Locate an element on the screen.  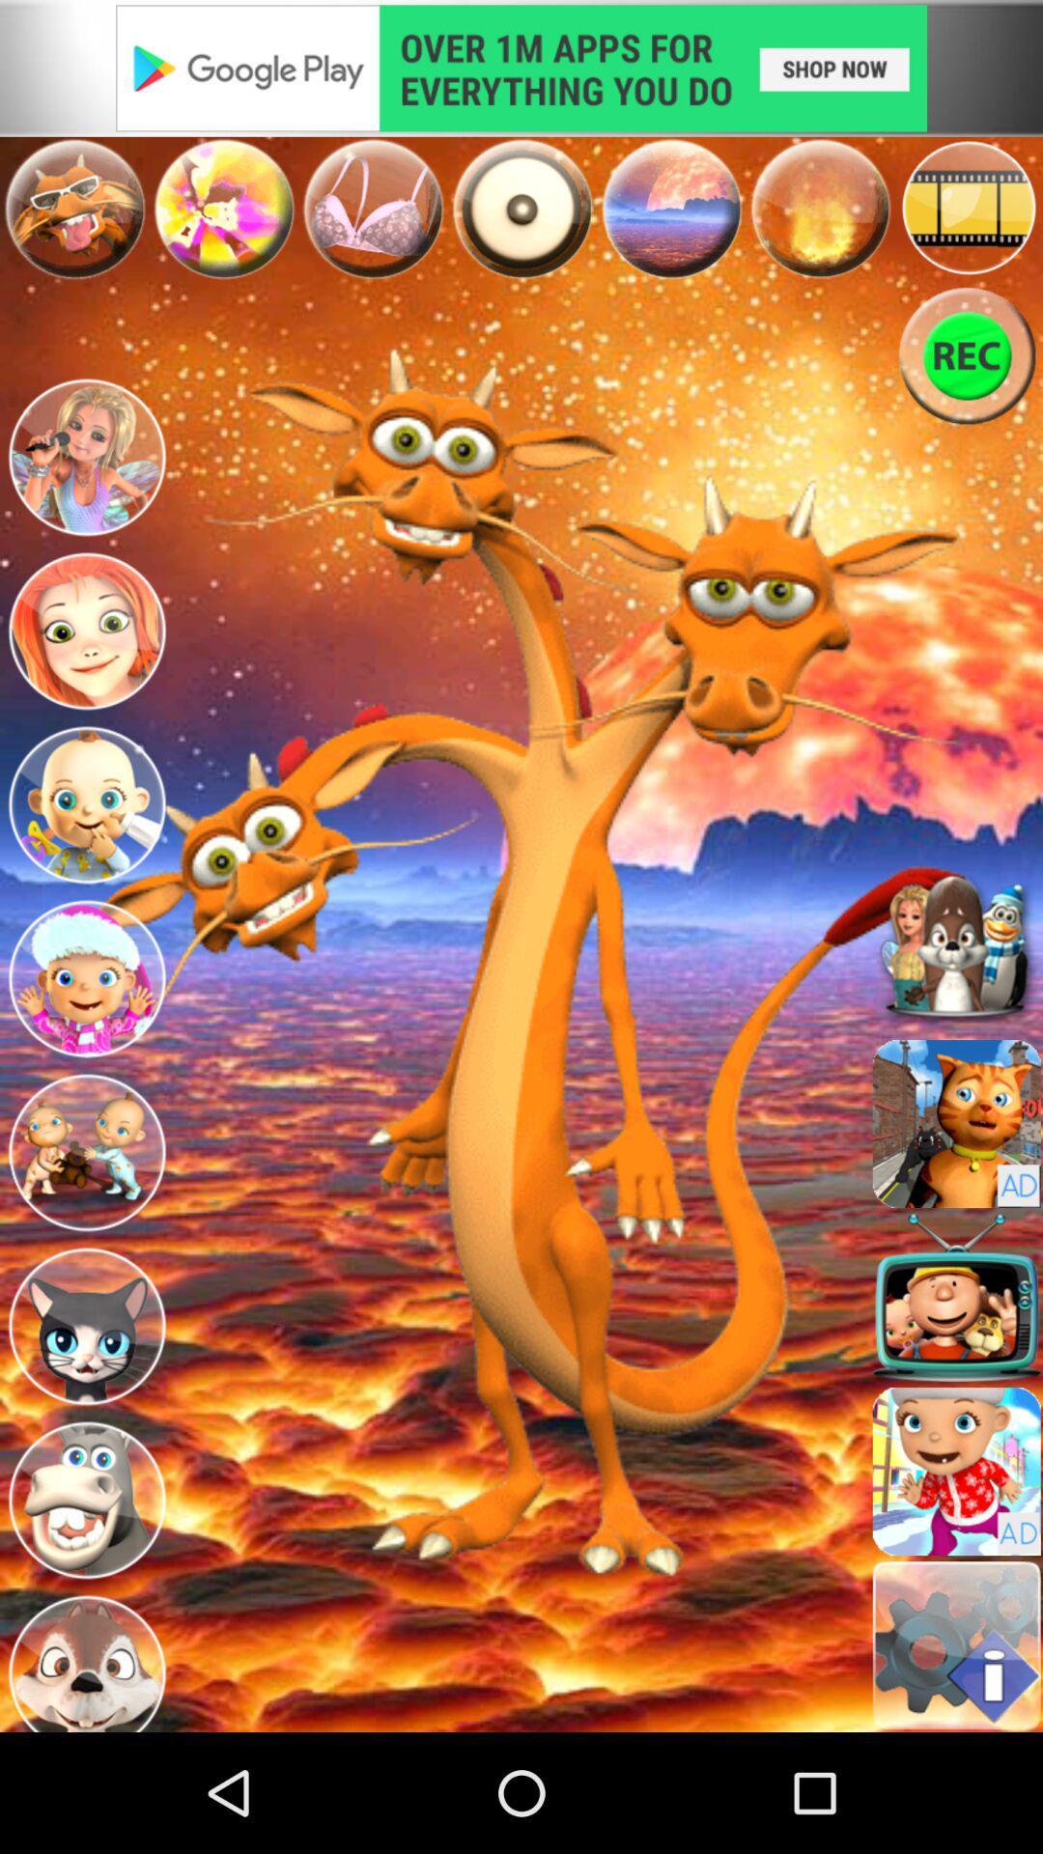
voice type is located at coordinates (222, 209).